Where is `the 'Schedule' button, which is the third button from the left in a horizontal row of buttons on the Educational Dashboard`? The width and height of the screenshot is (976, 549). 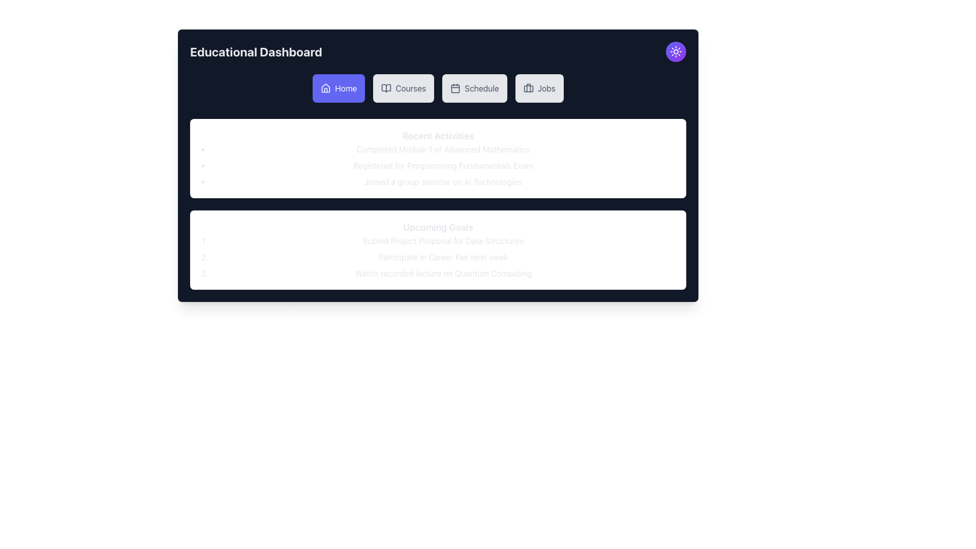
the 'Schedule' button, which is the third button from the left in a horizontal row of buttons on the Educational Dashboard is located at coordinates (481, 87).